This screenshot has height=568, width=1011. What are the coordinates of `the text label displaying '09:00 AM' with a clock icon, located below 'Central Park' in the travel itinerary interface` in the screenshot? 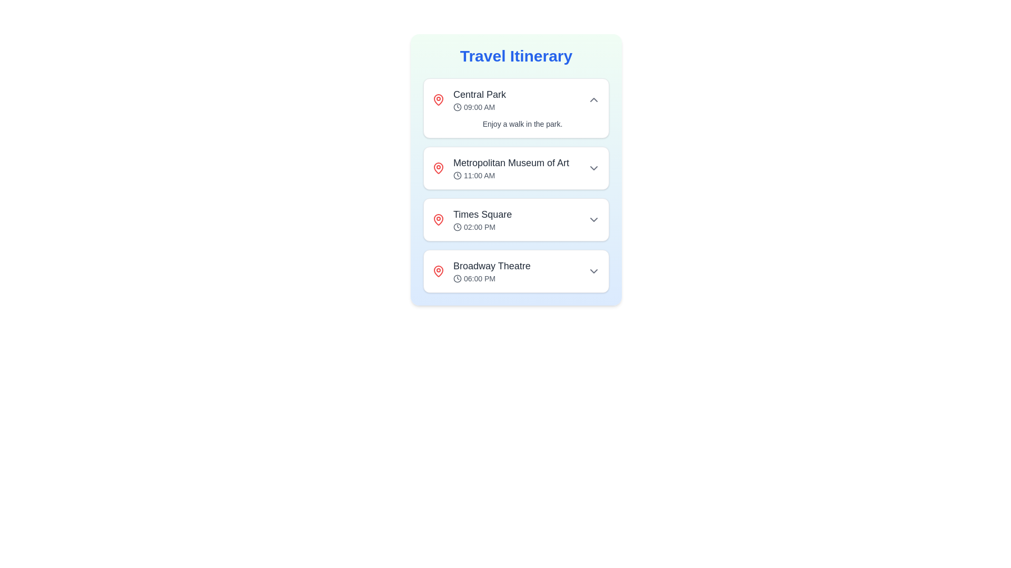 It's located at (479, 107).